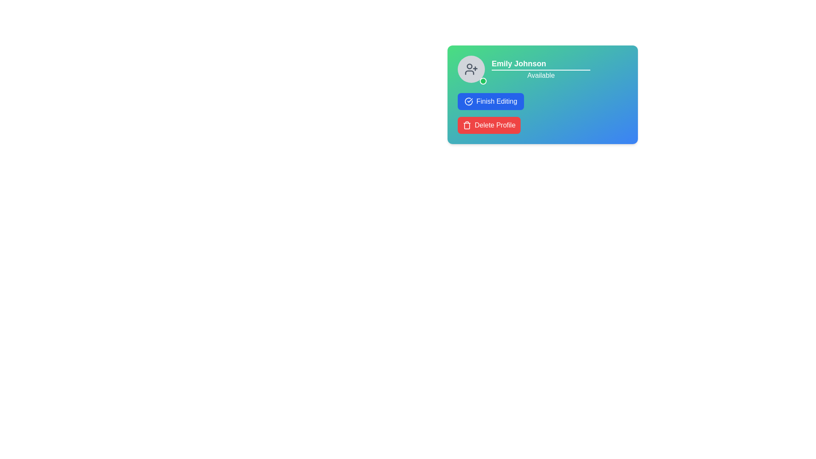 The width and height of the screenshot is (816, 459). What do you see at coordinates (491, 101) in the screenshot?
I see `the first button above the 'Delete Profile' button to finalize the editing action for the profile associated with 'Emily Johnson'` at bounding box center [491, 101].